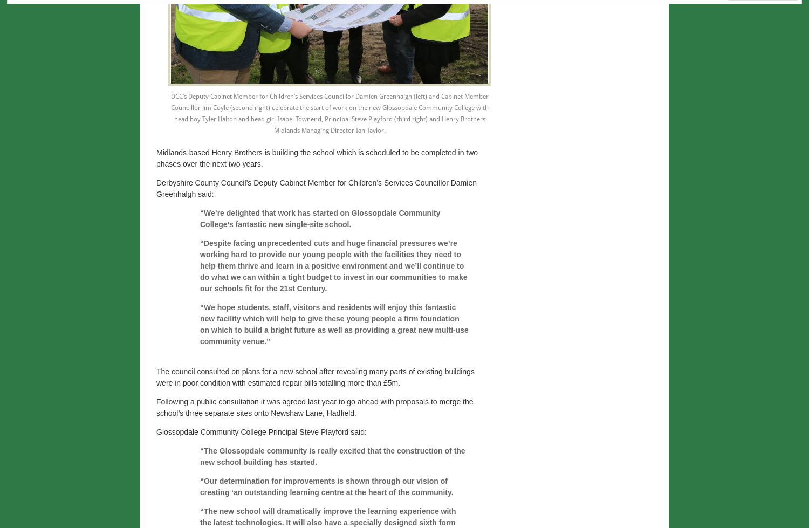 This screenshot has width=809, height=528. Describe the element at coordinates (317, 158) in the screenshot. I see `'Midlands-based Henry Brothers is building the school which is scheduled to be completed in two phases over the next two years.'` at that location.